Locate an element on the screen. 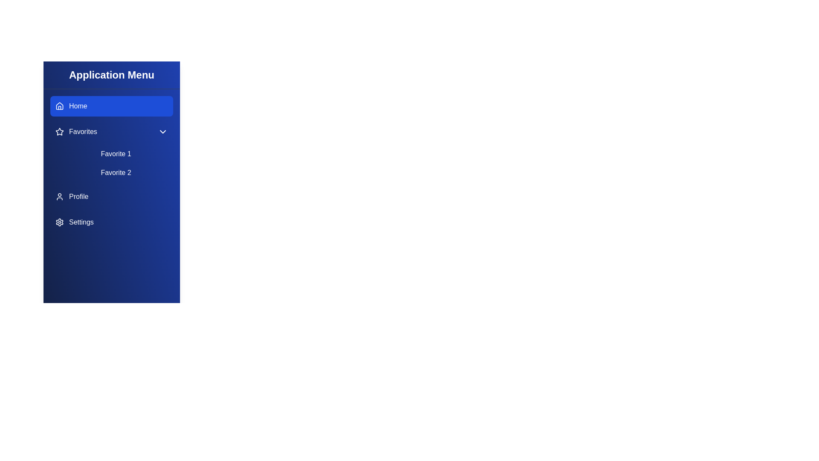  the house icon located in the main menu bar is located at coordinates (59, 105).